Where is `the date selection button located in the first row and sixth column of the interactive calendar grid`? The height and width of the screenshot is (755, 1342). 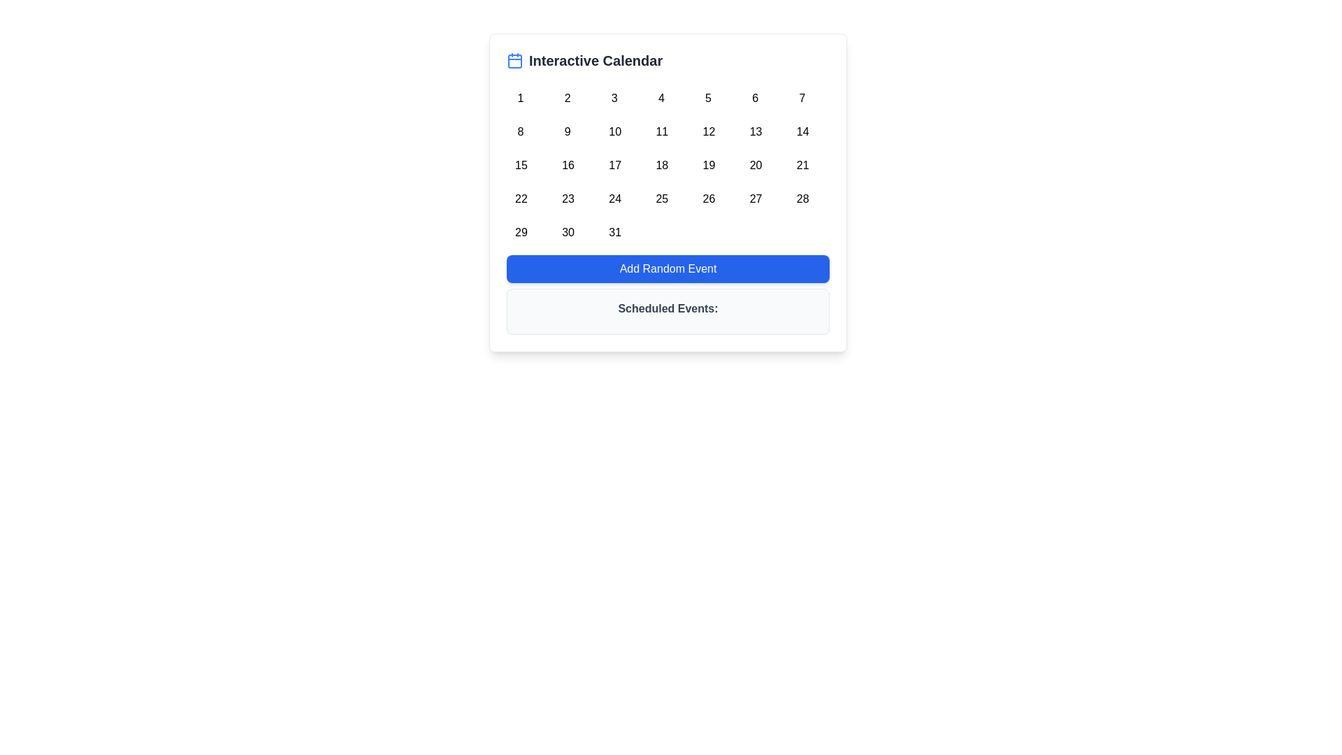
the date selection button located in the first row and sixth column of the interactive calendar grid is located at coordinates (754, 95).